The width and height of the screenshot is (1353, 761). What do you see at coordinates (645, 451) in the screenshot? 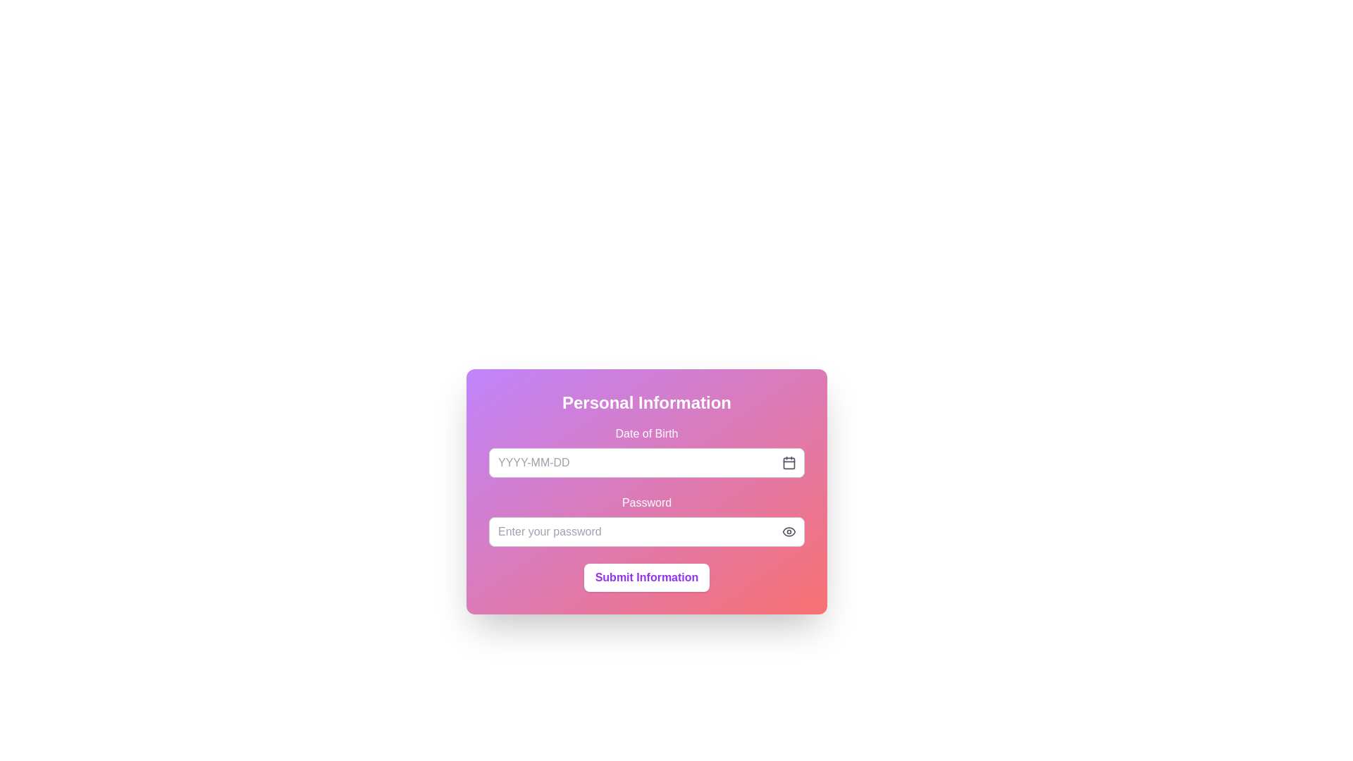
I see `the 'Date of Birth' input field to focus for typing` at bounding box center [645, 451].